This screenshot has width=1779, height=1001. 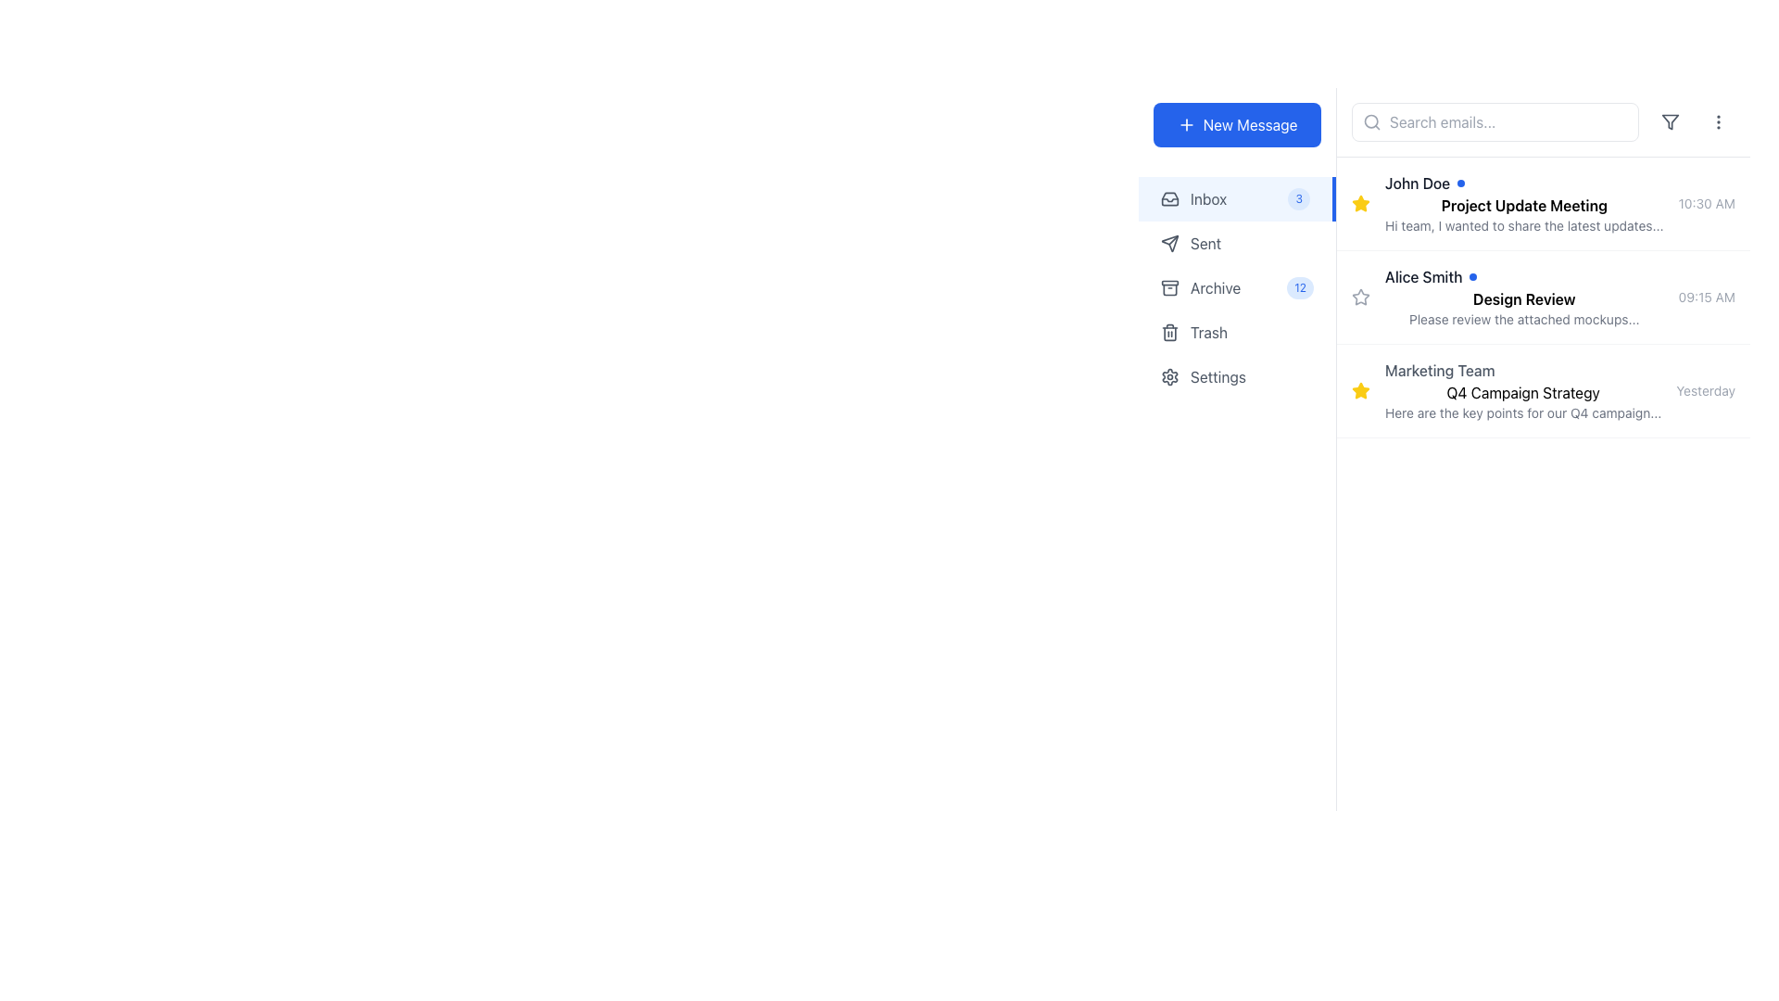 What do you see at coordinates (1233, 288) in the screenshot?
I see `the 'Archive' text label, which is styled in gray and positioned to the right of a trash bin icon, as the third item in the navigation list` at bounding box center [1233, 288].